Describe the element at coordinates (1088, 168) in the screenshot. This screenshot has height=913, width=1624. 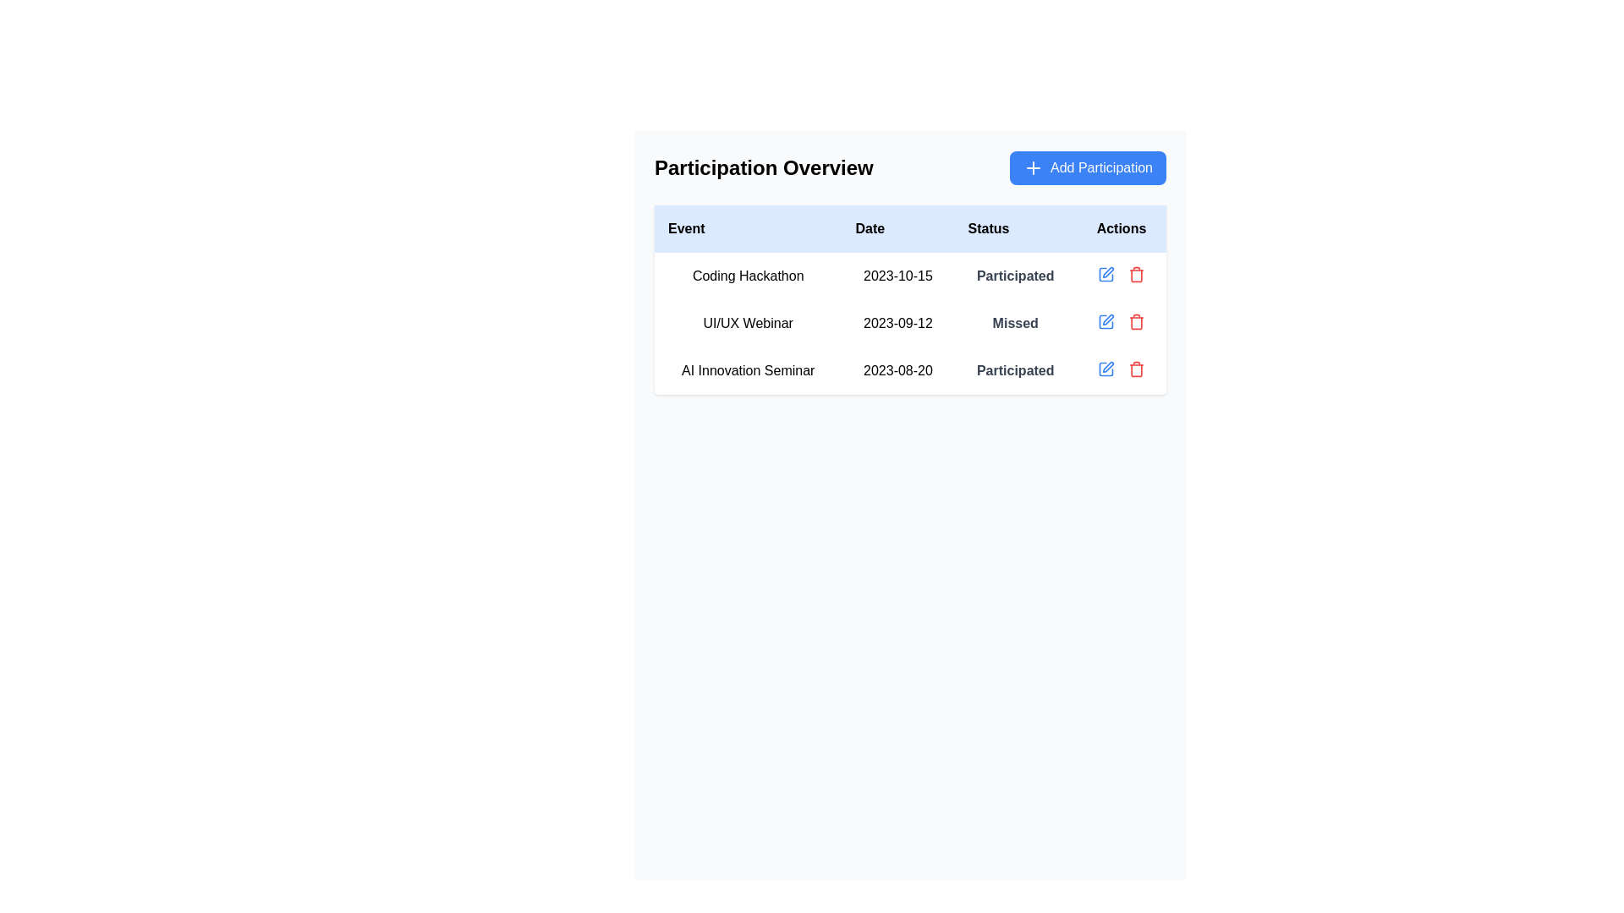
I see `the button that allows users to add new participations, located to the right of the 'Participation Overview' title and centered vertically` at that location.